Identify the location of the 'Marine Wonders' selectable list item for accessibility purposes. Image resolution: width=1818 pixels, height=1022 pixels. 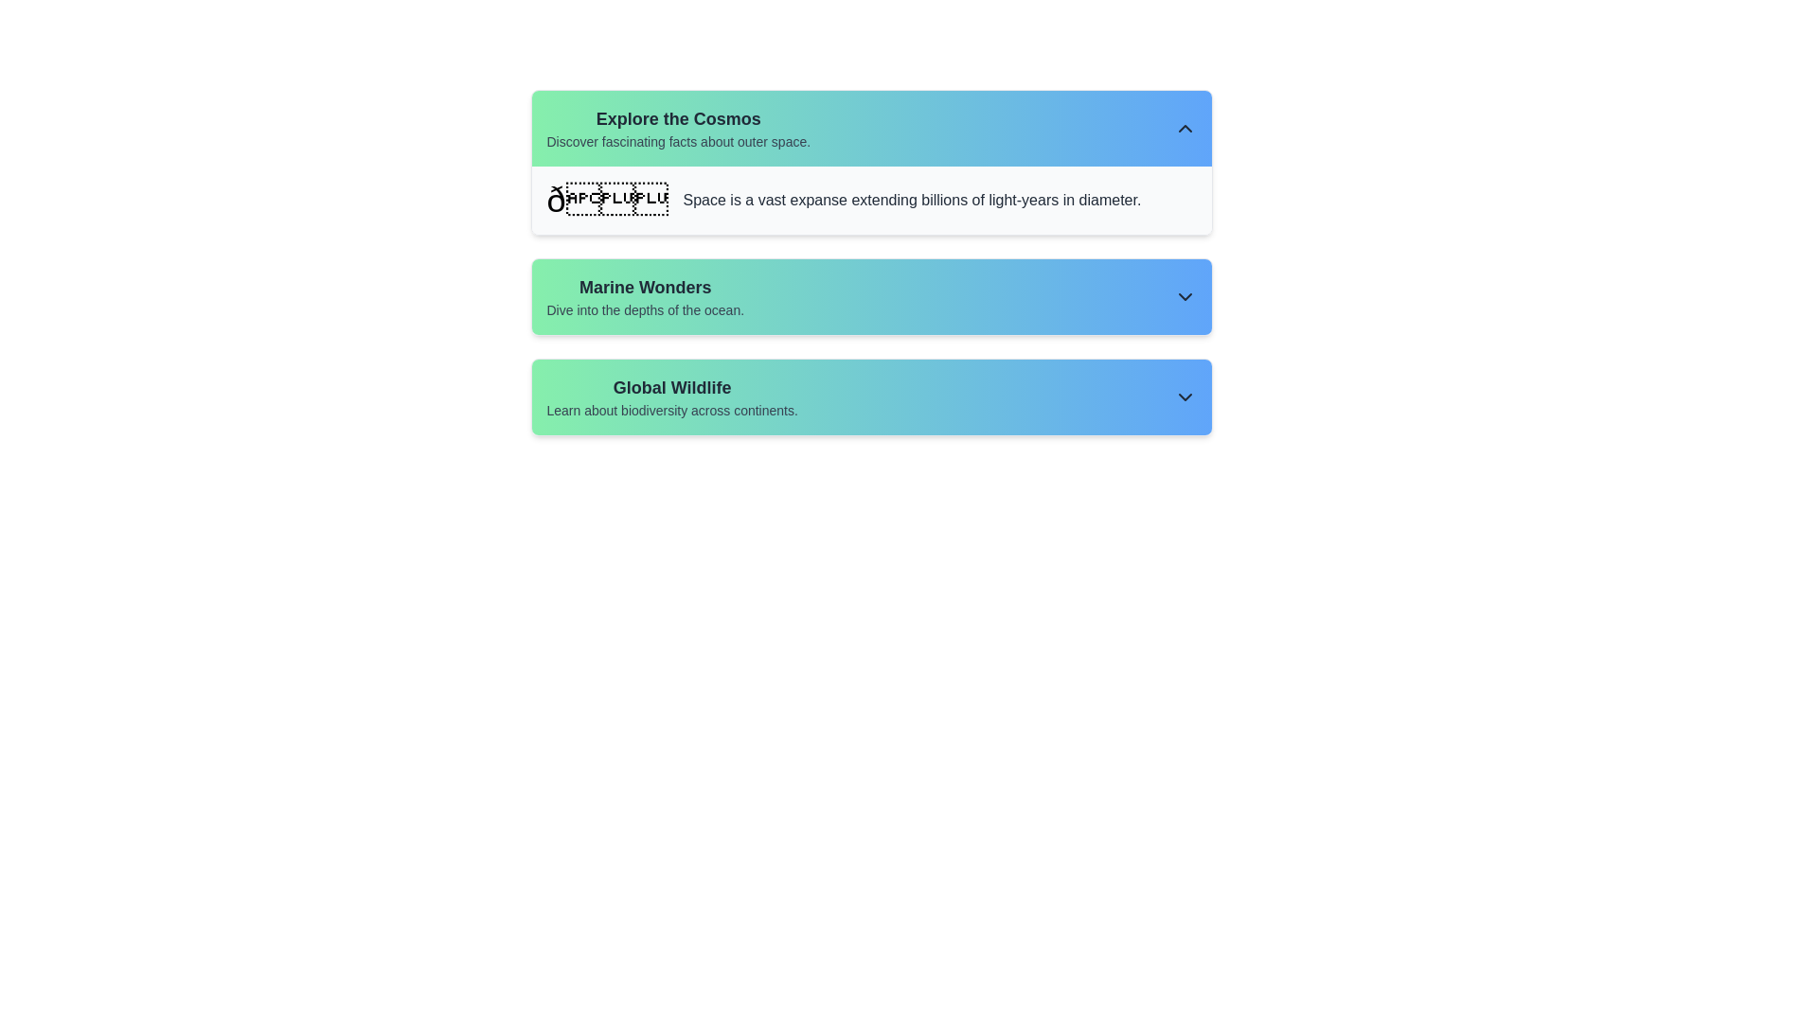
(870, 262).